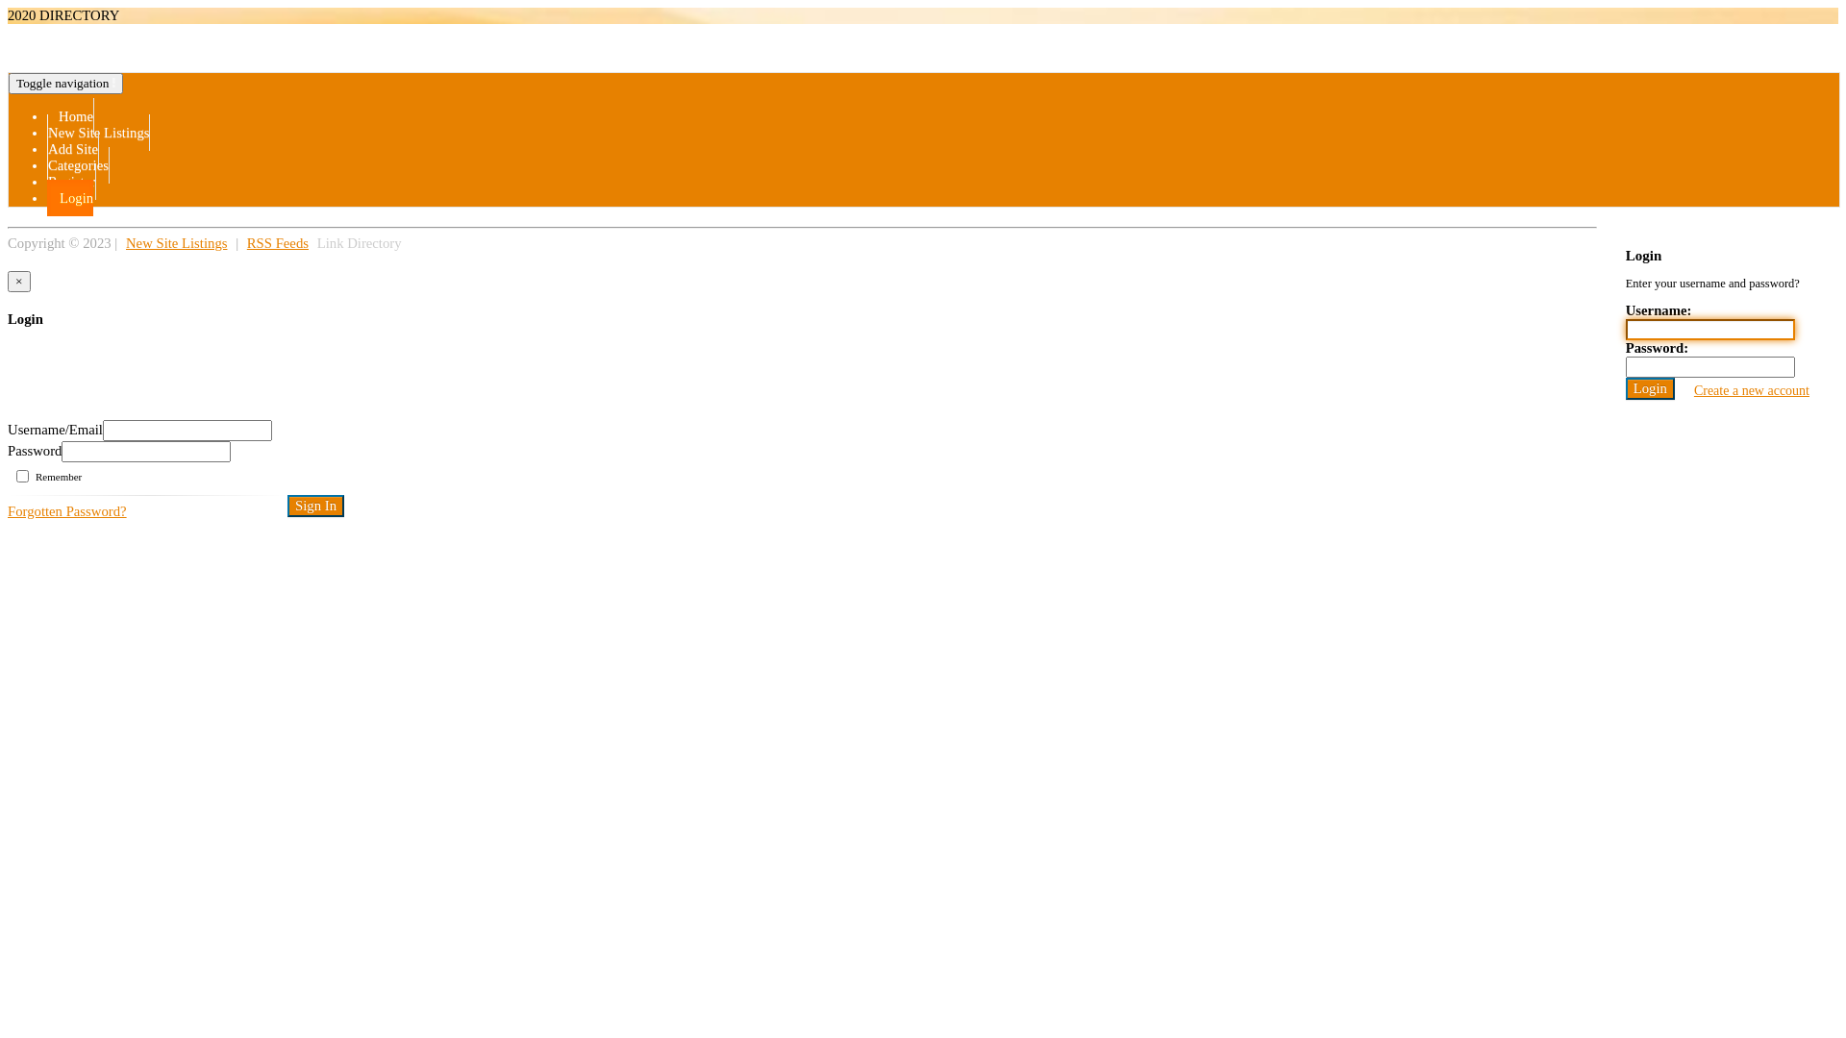 Image resolution: width=1846 pixels, height=1038 pixels. What do you see at coordinates (1752, 389) in the screenshot?
I see `'Create a new account'` at bounding box center [1752, 389].